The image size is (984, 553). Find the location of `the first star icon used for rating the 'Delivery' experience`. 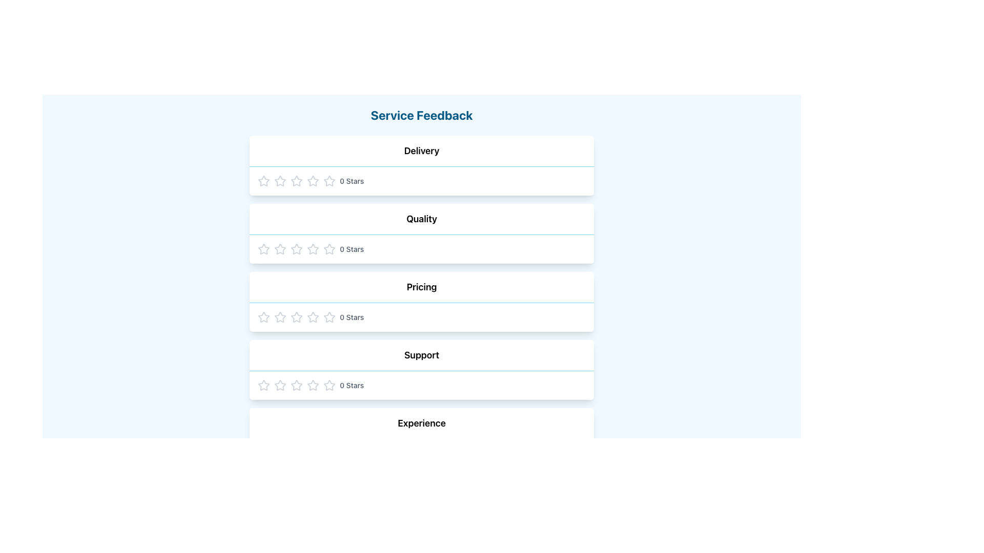

the first star icon used for rating the 'Delivery' experience is located at coordinates (280, 180).